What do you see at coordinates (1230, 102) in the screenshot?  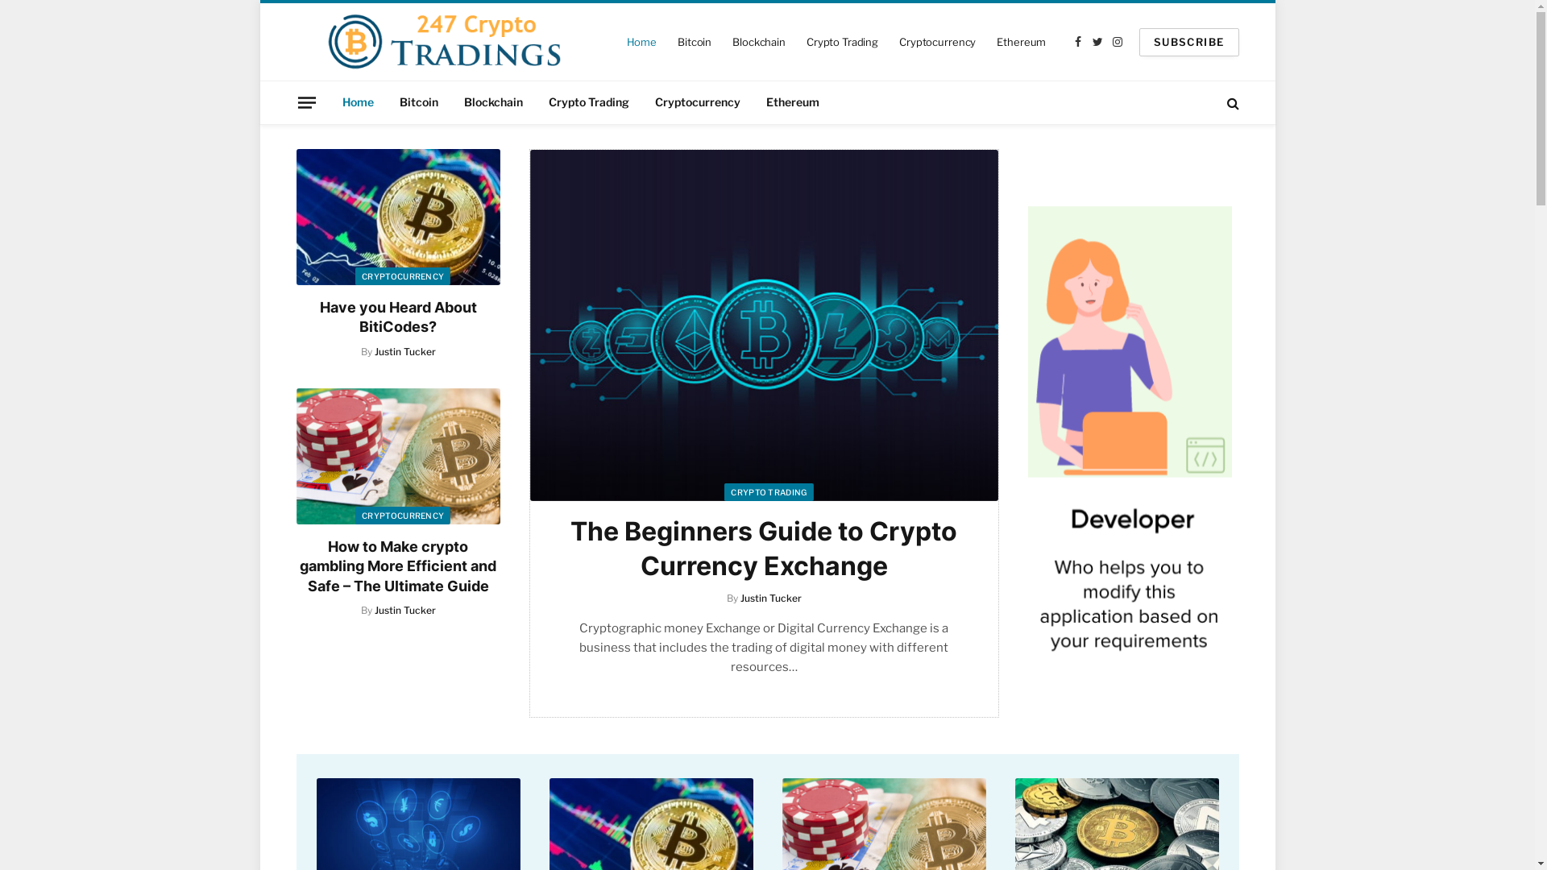 I see `'Search'` at bounding box center [1230, 102].